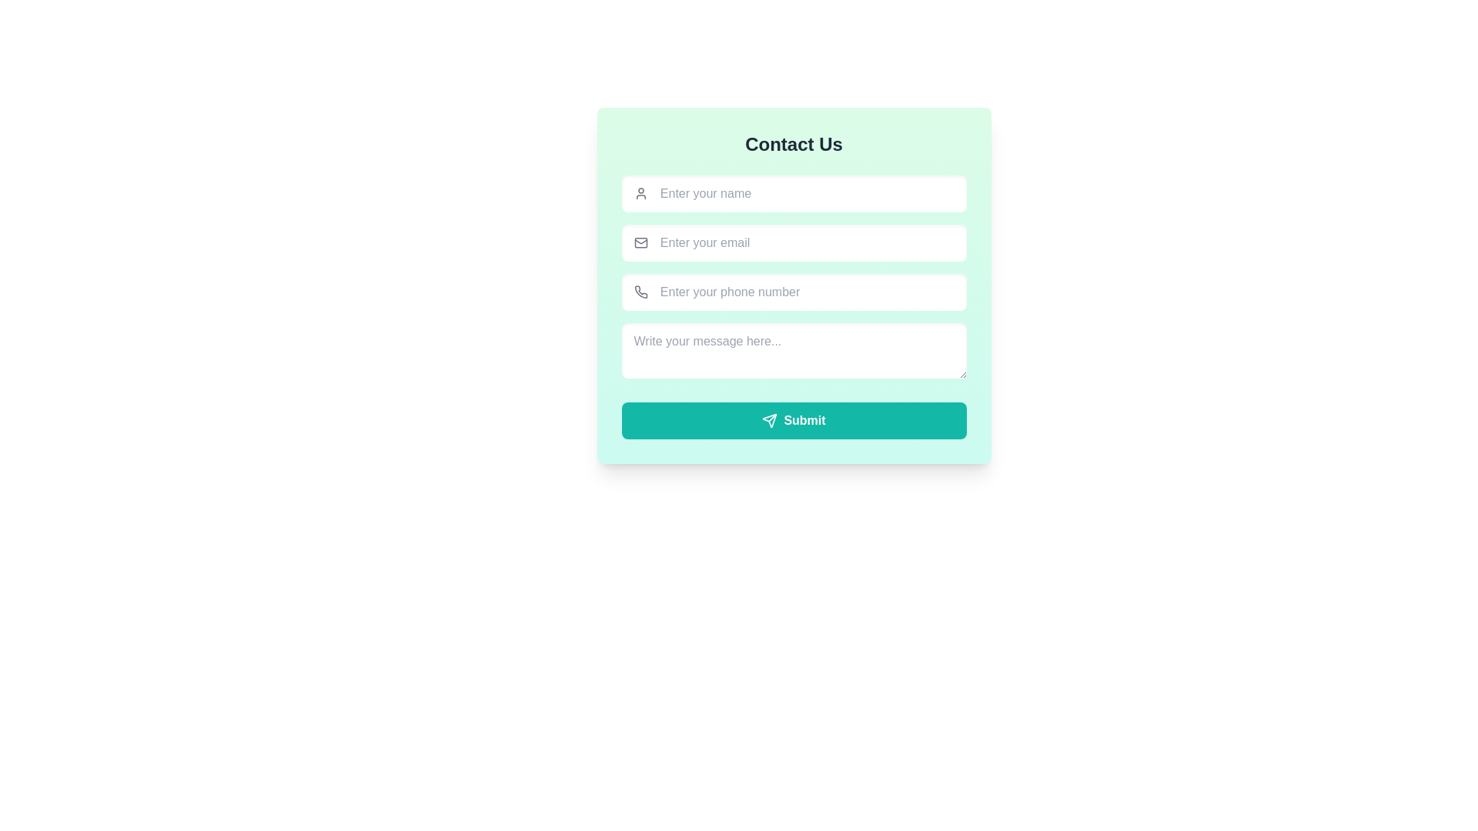 This screenshot has width=1478, height=831. What do you see at coordinates (770, 421) in the screenshot?
I see `the icon located inside the teal 'Submit' button, which visually represents the action of sending or submission, positioned to the left of the 'Submit' text` at bounding box center [770, 421].